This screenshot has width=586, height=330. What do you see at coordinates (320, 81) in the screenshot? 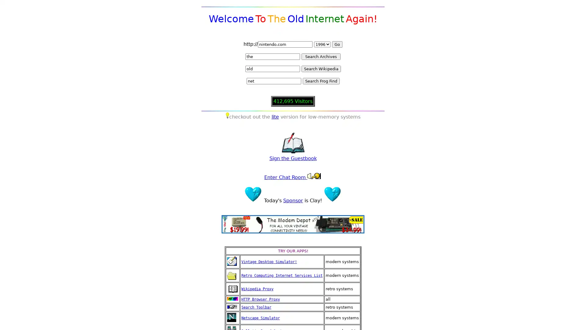
I see `Search Frog Find` at bounding box center [320, 81].